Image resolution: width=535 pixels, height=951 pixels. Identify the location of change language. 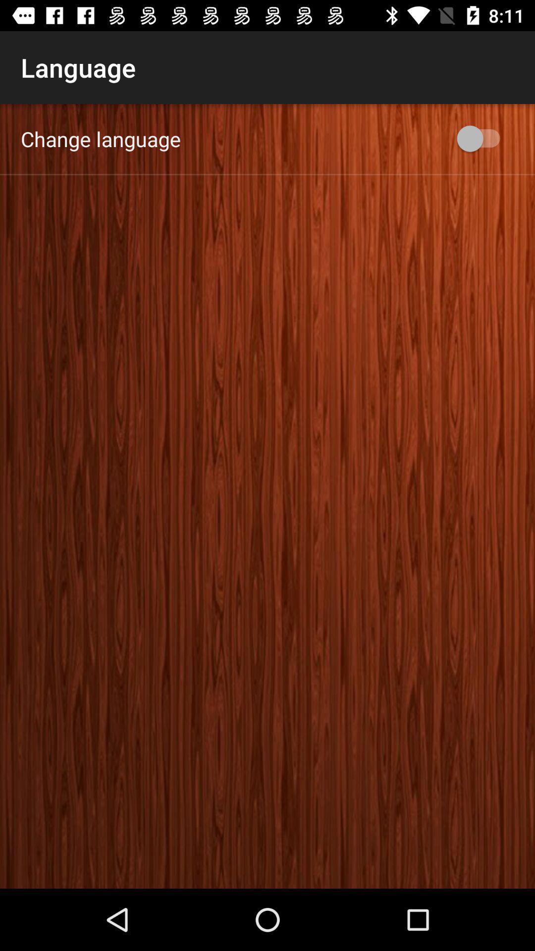
(101, 138).